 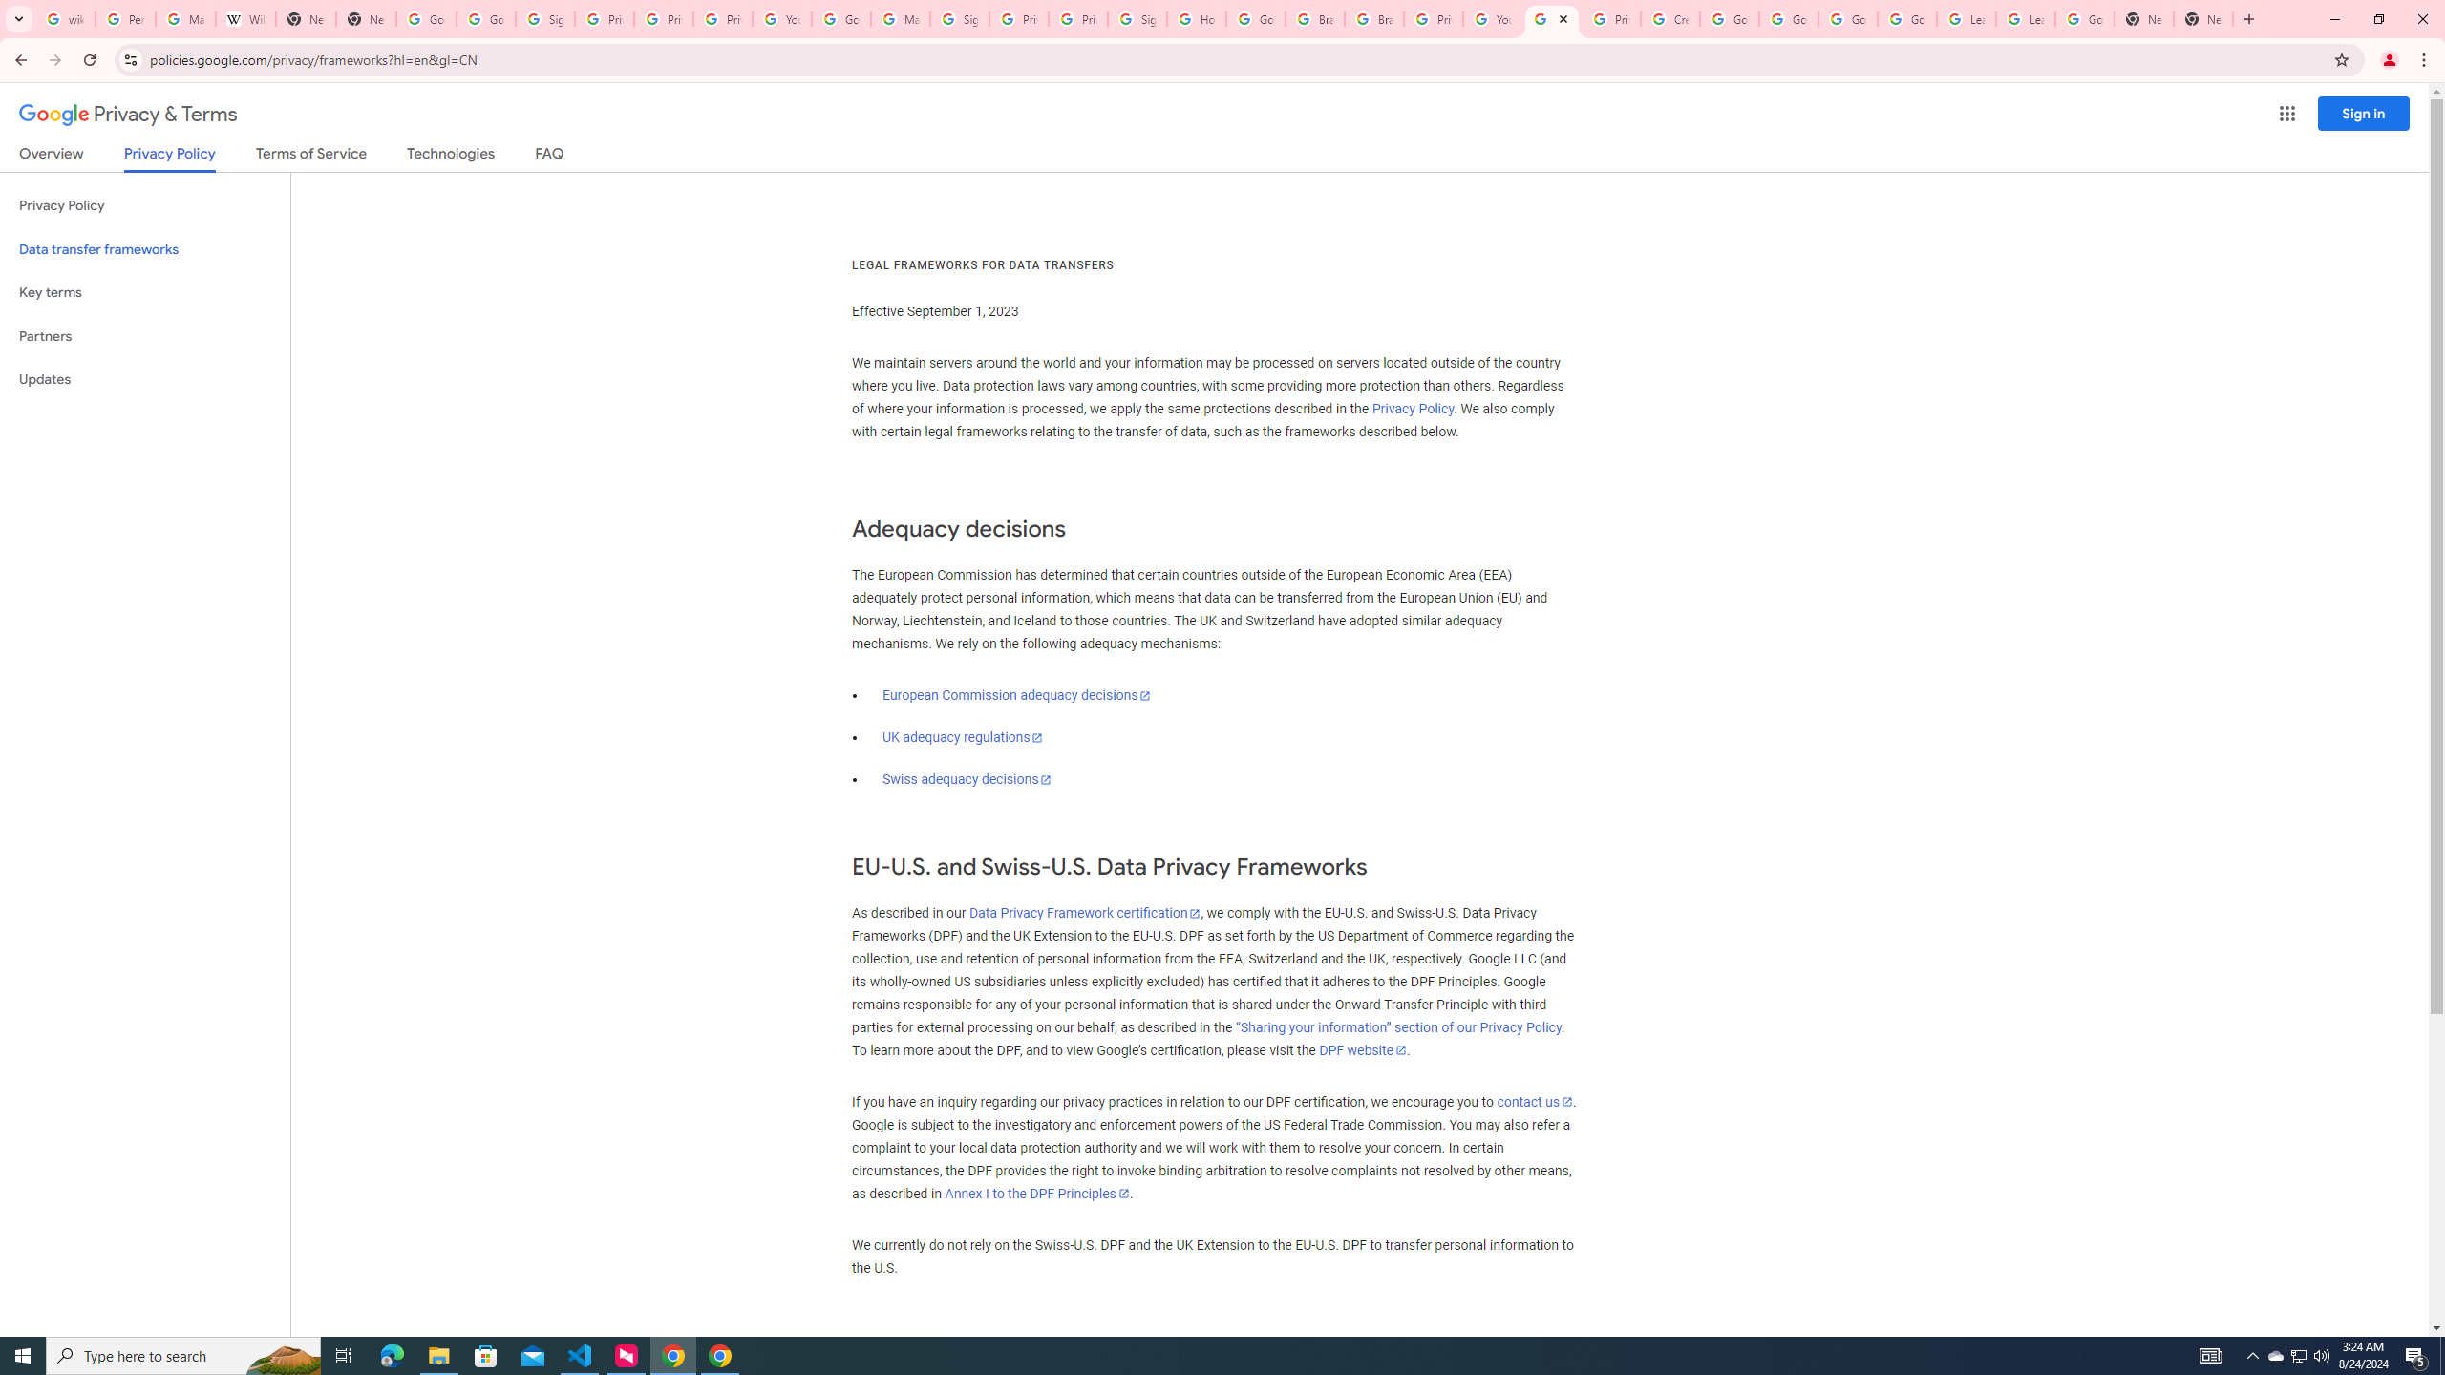 What do you see at coordinates (966, 779) in the screenshot?
I see `'Swiss adequacy decisions'` at bounding box center [966, 779].